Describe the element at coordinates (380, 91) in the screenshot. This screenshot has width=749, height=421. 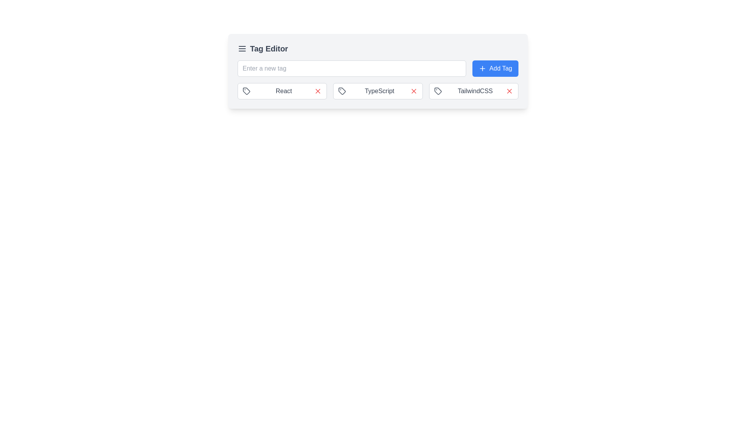
I see `the 'TypeScript' text label` at that location.